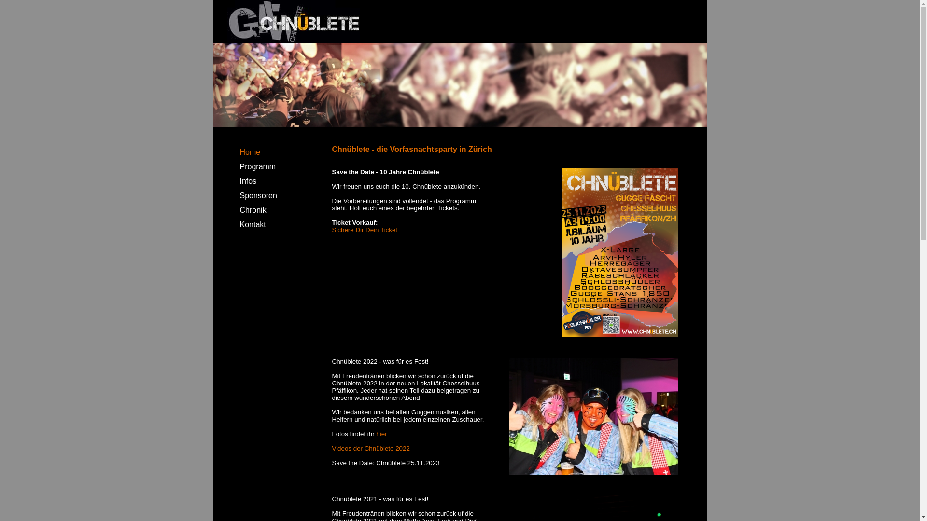 The height and width of the screenshot is (521, 927). What do you see at coordinates (332, 230) in the screenshot?
I see `'Sichere Dir Dein Ticket'` at bounding box center [332, 230].